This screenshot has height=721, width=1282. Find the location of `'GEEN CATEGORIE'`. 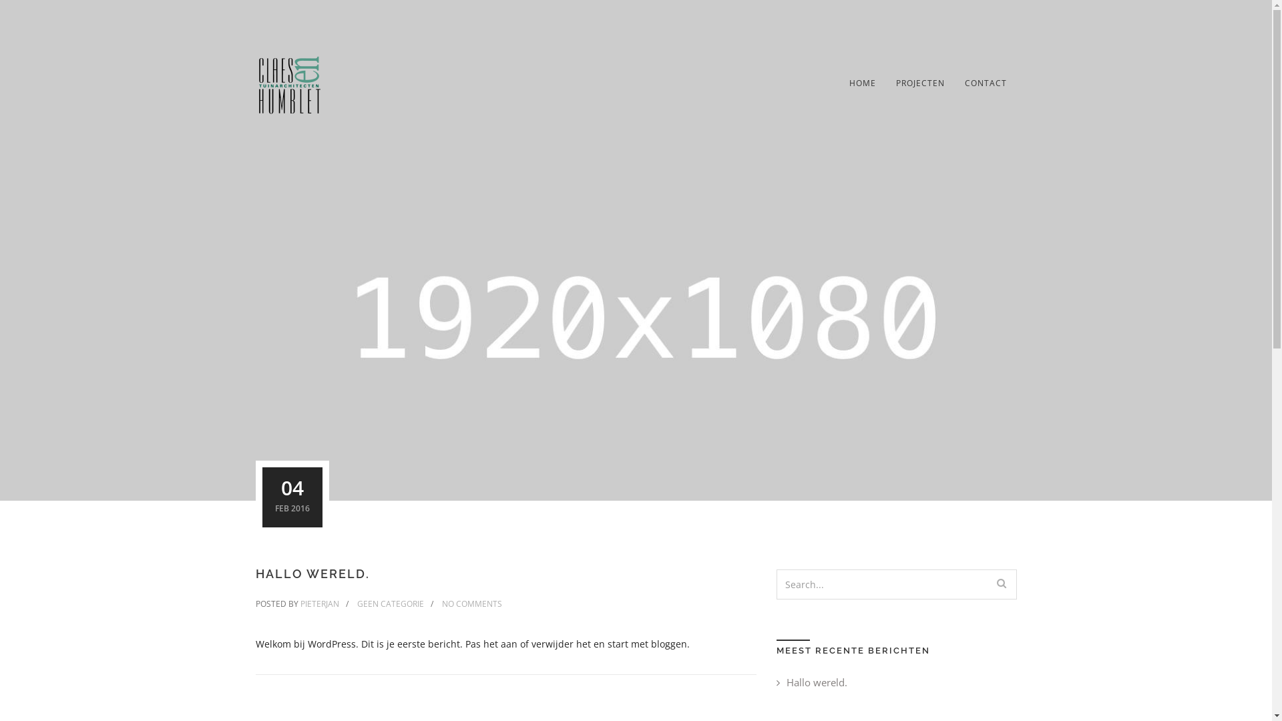

'GEEN CATEGORIE' is located at coordinates (389, 604).